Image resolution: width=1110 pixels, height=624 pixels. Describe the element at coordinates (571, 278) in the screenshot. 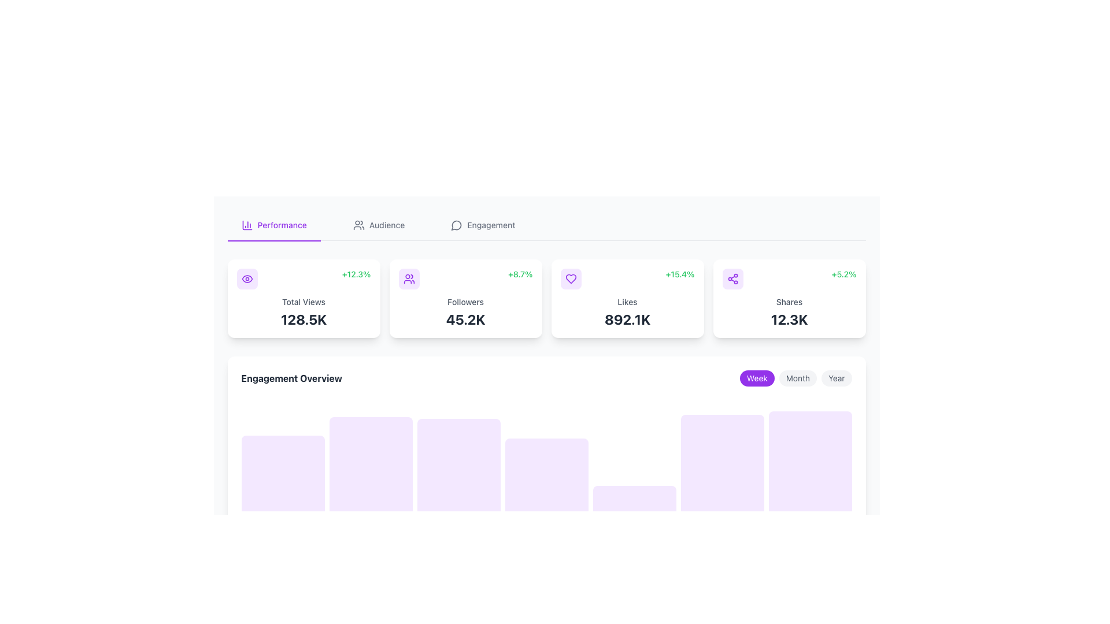

I see `the heart icon representing the 'like' feature located in the third metric card from the left on the dashboard` at that location.